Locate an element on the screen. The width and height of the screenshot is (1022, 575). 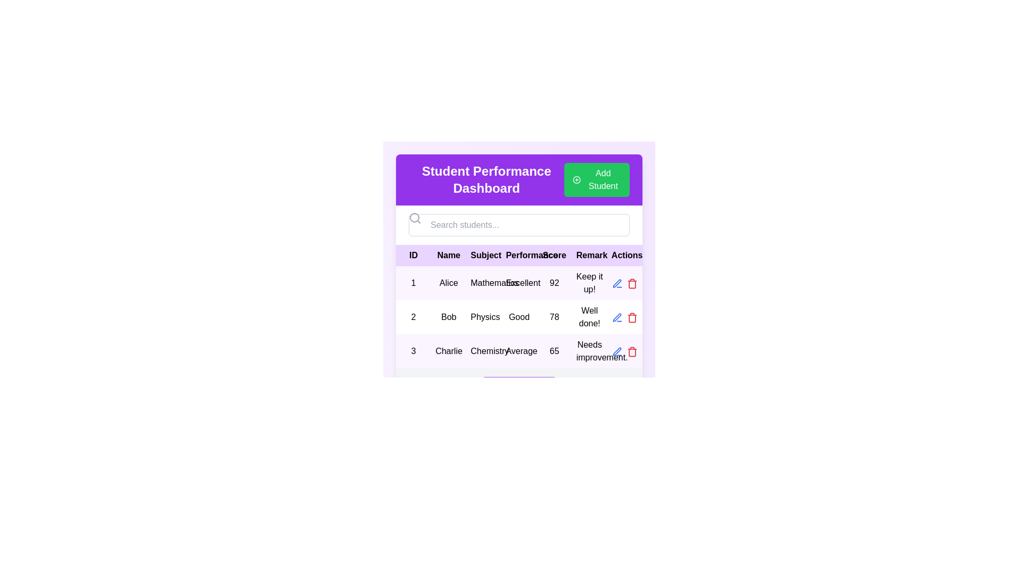
the static text displaying the performance rating 'Excellent' for the student Alice in the Mathematics performance table is located at coordinates (519, 283).